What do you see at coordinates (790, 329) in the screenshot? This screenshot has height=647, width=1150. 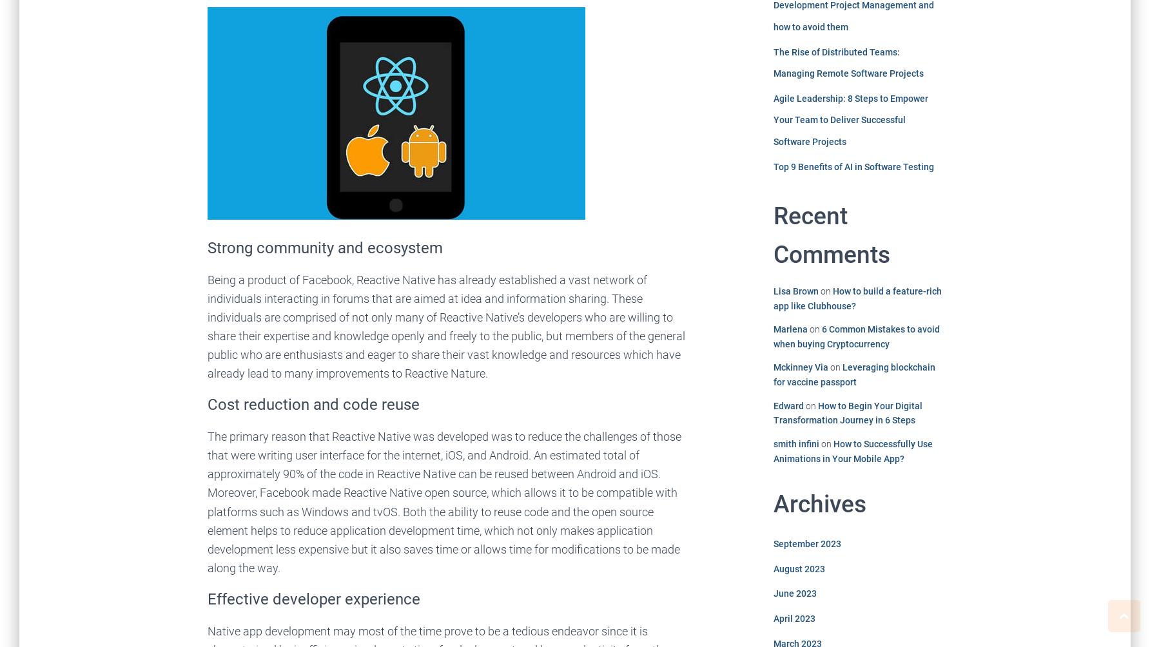 I see `'Marlena'` at bounding box center [790, 329].